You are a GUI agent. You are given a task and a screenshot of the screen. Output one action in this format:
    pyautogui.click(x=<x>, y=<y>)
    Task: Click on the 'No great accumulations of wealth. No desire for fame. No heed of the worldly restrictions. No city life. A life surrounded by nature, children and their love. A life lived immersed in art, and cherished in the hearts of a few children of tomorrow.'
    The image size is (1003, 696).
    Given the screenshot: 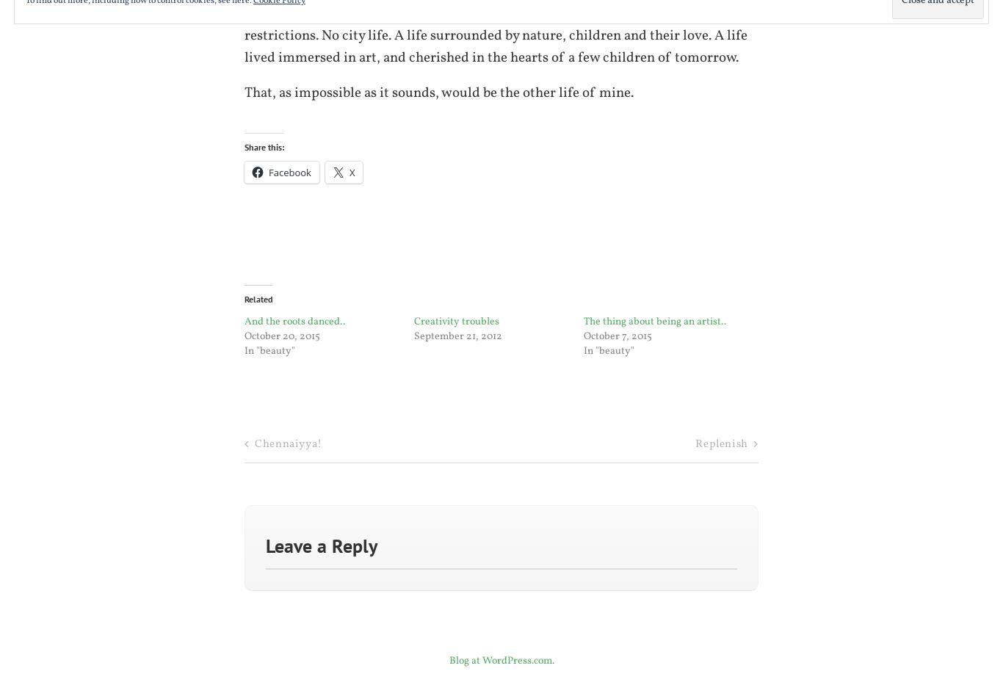 What is the action you would take?
    pyautogui.click(x=495, y=35)
    